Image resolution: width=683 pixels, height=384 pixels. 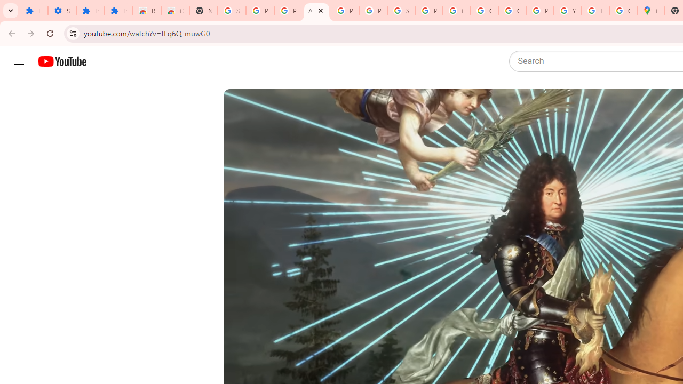 I want to click on 'Google Maps', so click(x=650, y=11).